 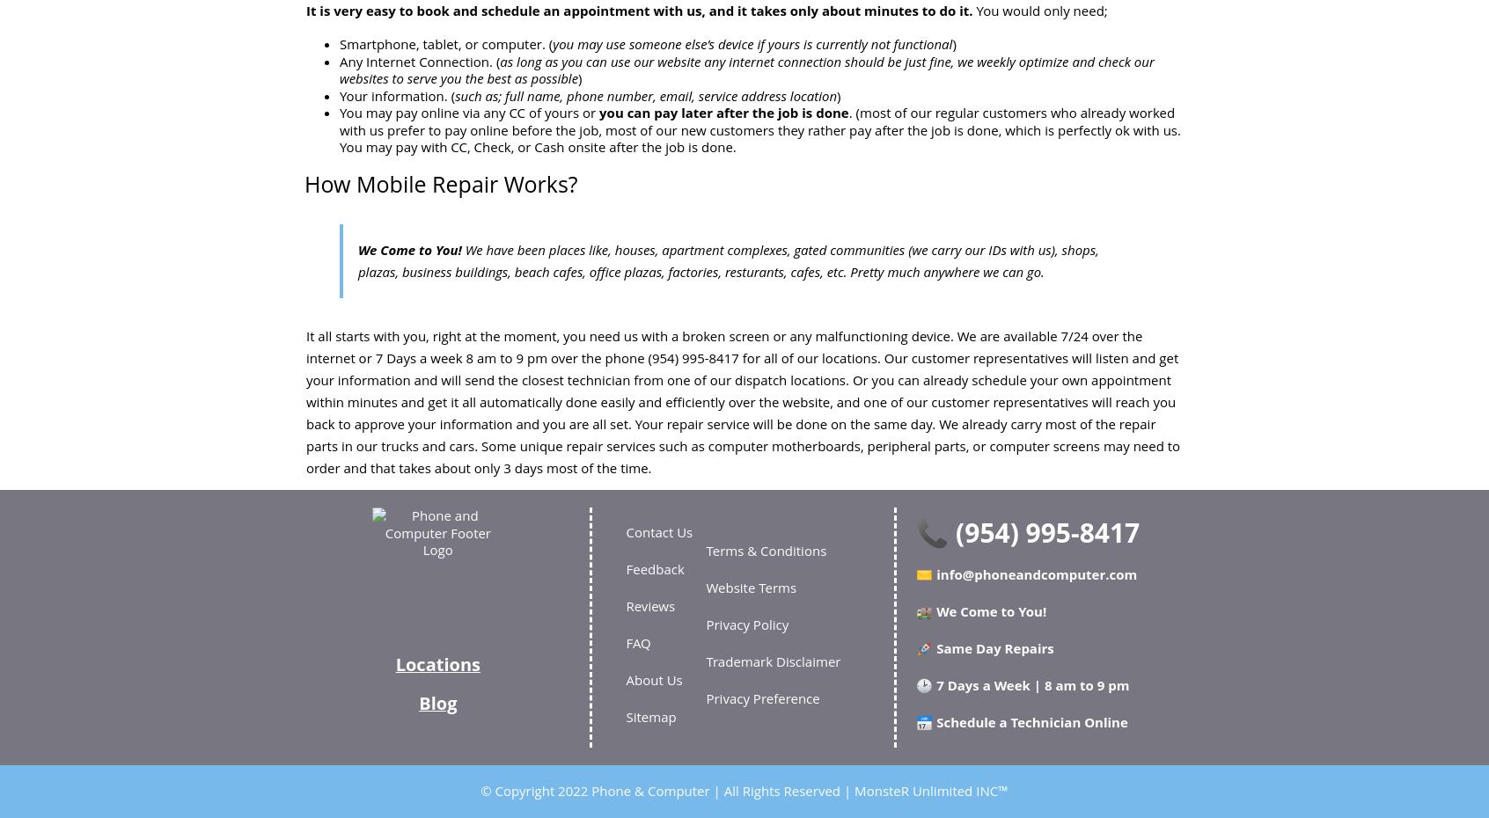 I want to click on 'About Us', so click(x=652, y=680).